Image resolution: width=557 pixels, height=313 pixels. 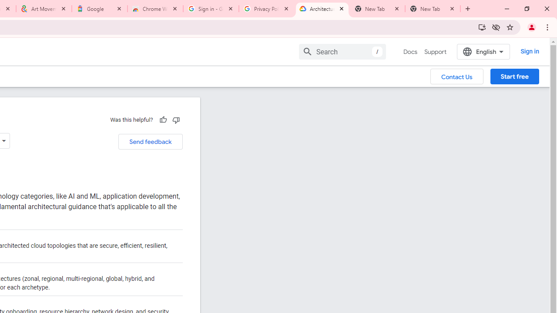 What do you see at coordinates (483, 51) in the screenshot?
I see `'English'` at bounding box center [483, 51].